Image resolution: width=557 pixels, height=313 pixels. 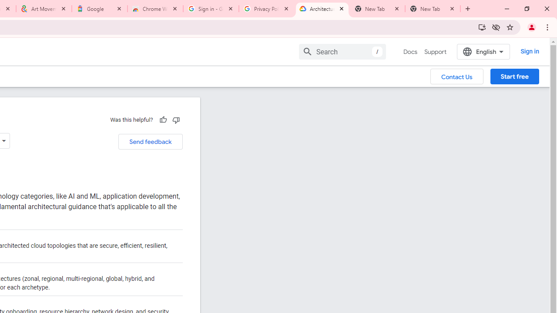 What do you see at coordinates (483, 51) in the screenshot?
I see `'English'` at bounding box center [483, 51].